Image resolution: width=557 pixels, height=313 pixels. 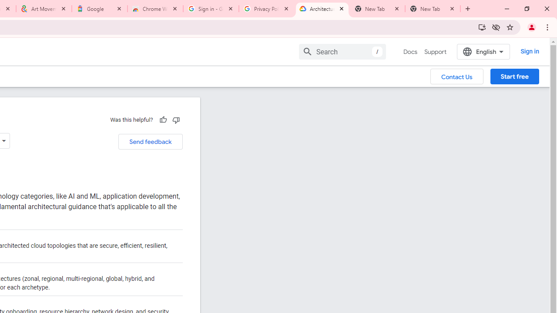 What do you see at coordinates (483, 51) in the screenshot?
I see `'English'` at bounding box center [483, 51].